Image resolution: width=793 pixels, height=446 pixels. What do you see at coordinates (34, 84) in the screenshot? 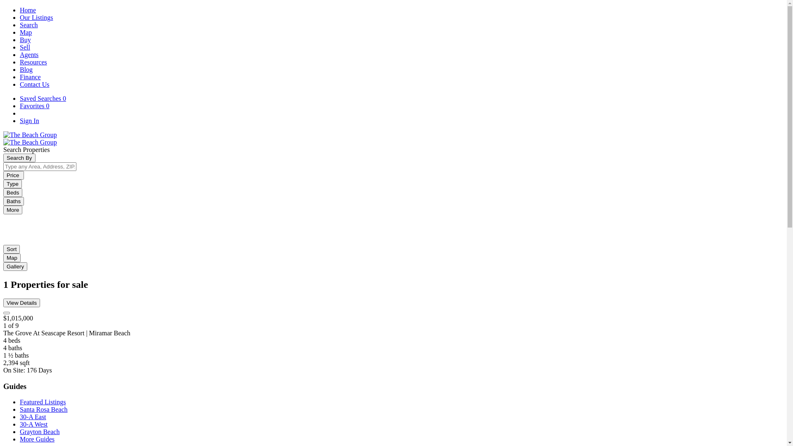
I see `'Contact Us'` at bounding box center [34, 84].